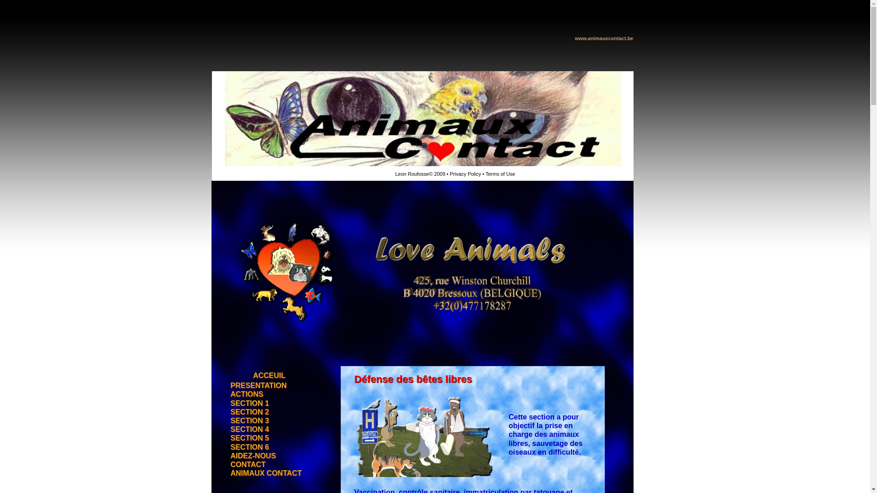 This screenshot has height=493, width=877. Describe the element at coordinates (249, 403) in the screenshot. I see `'SECTION 1'` at that location.